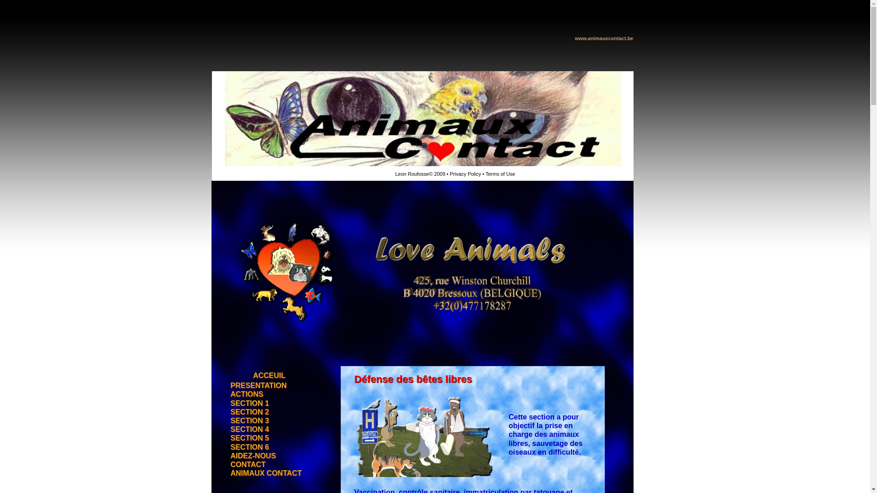 This screenshot has height=493, width=877. Describe the element at coordinates (249, 403) in the screenshot. I see `'SECTION 1'` at that location.